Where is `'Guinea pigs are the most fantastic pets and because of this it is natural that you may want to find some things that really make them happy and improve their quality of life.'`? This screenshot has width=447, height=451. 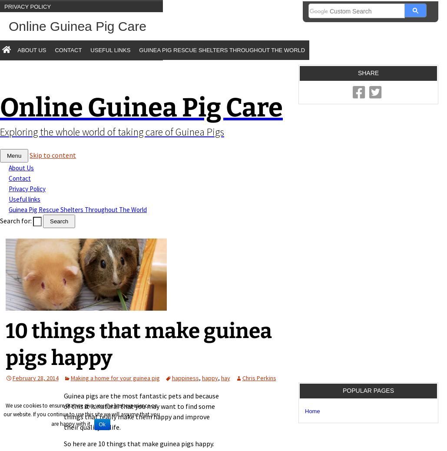 'Guinea pigs are the most fantastic pets and because of this it is natural that you may want to find some things that really make them happy and improve their quality of life.' is located at coordinates (63, 411).